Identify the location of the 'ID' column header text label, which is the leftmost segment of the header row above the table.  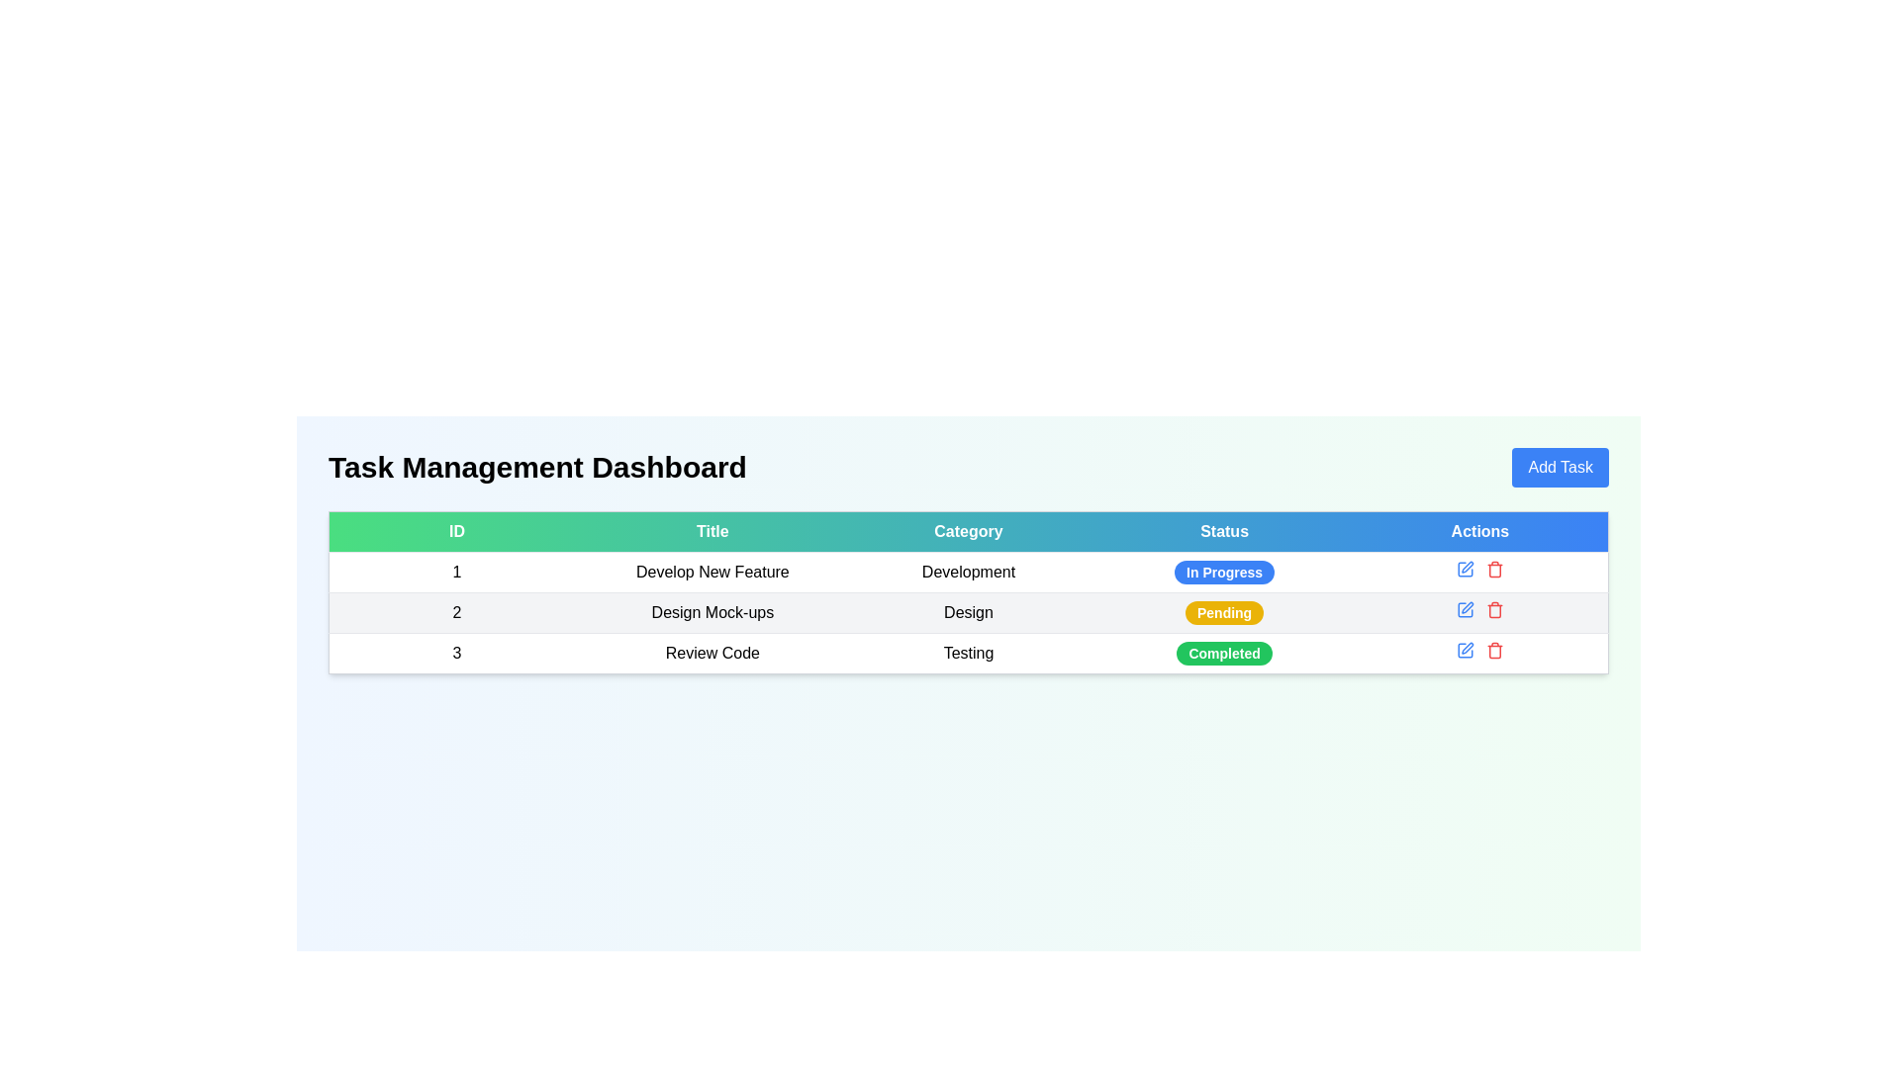
(455, 530).